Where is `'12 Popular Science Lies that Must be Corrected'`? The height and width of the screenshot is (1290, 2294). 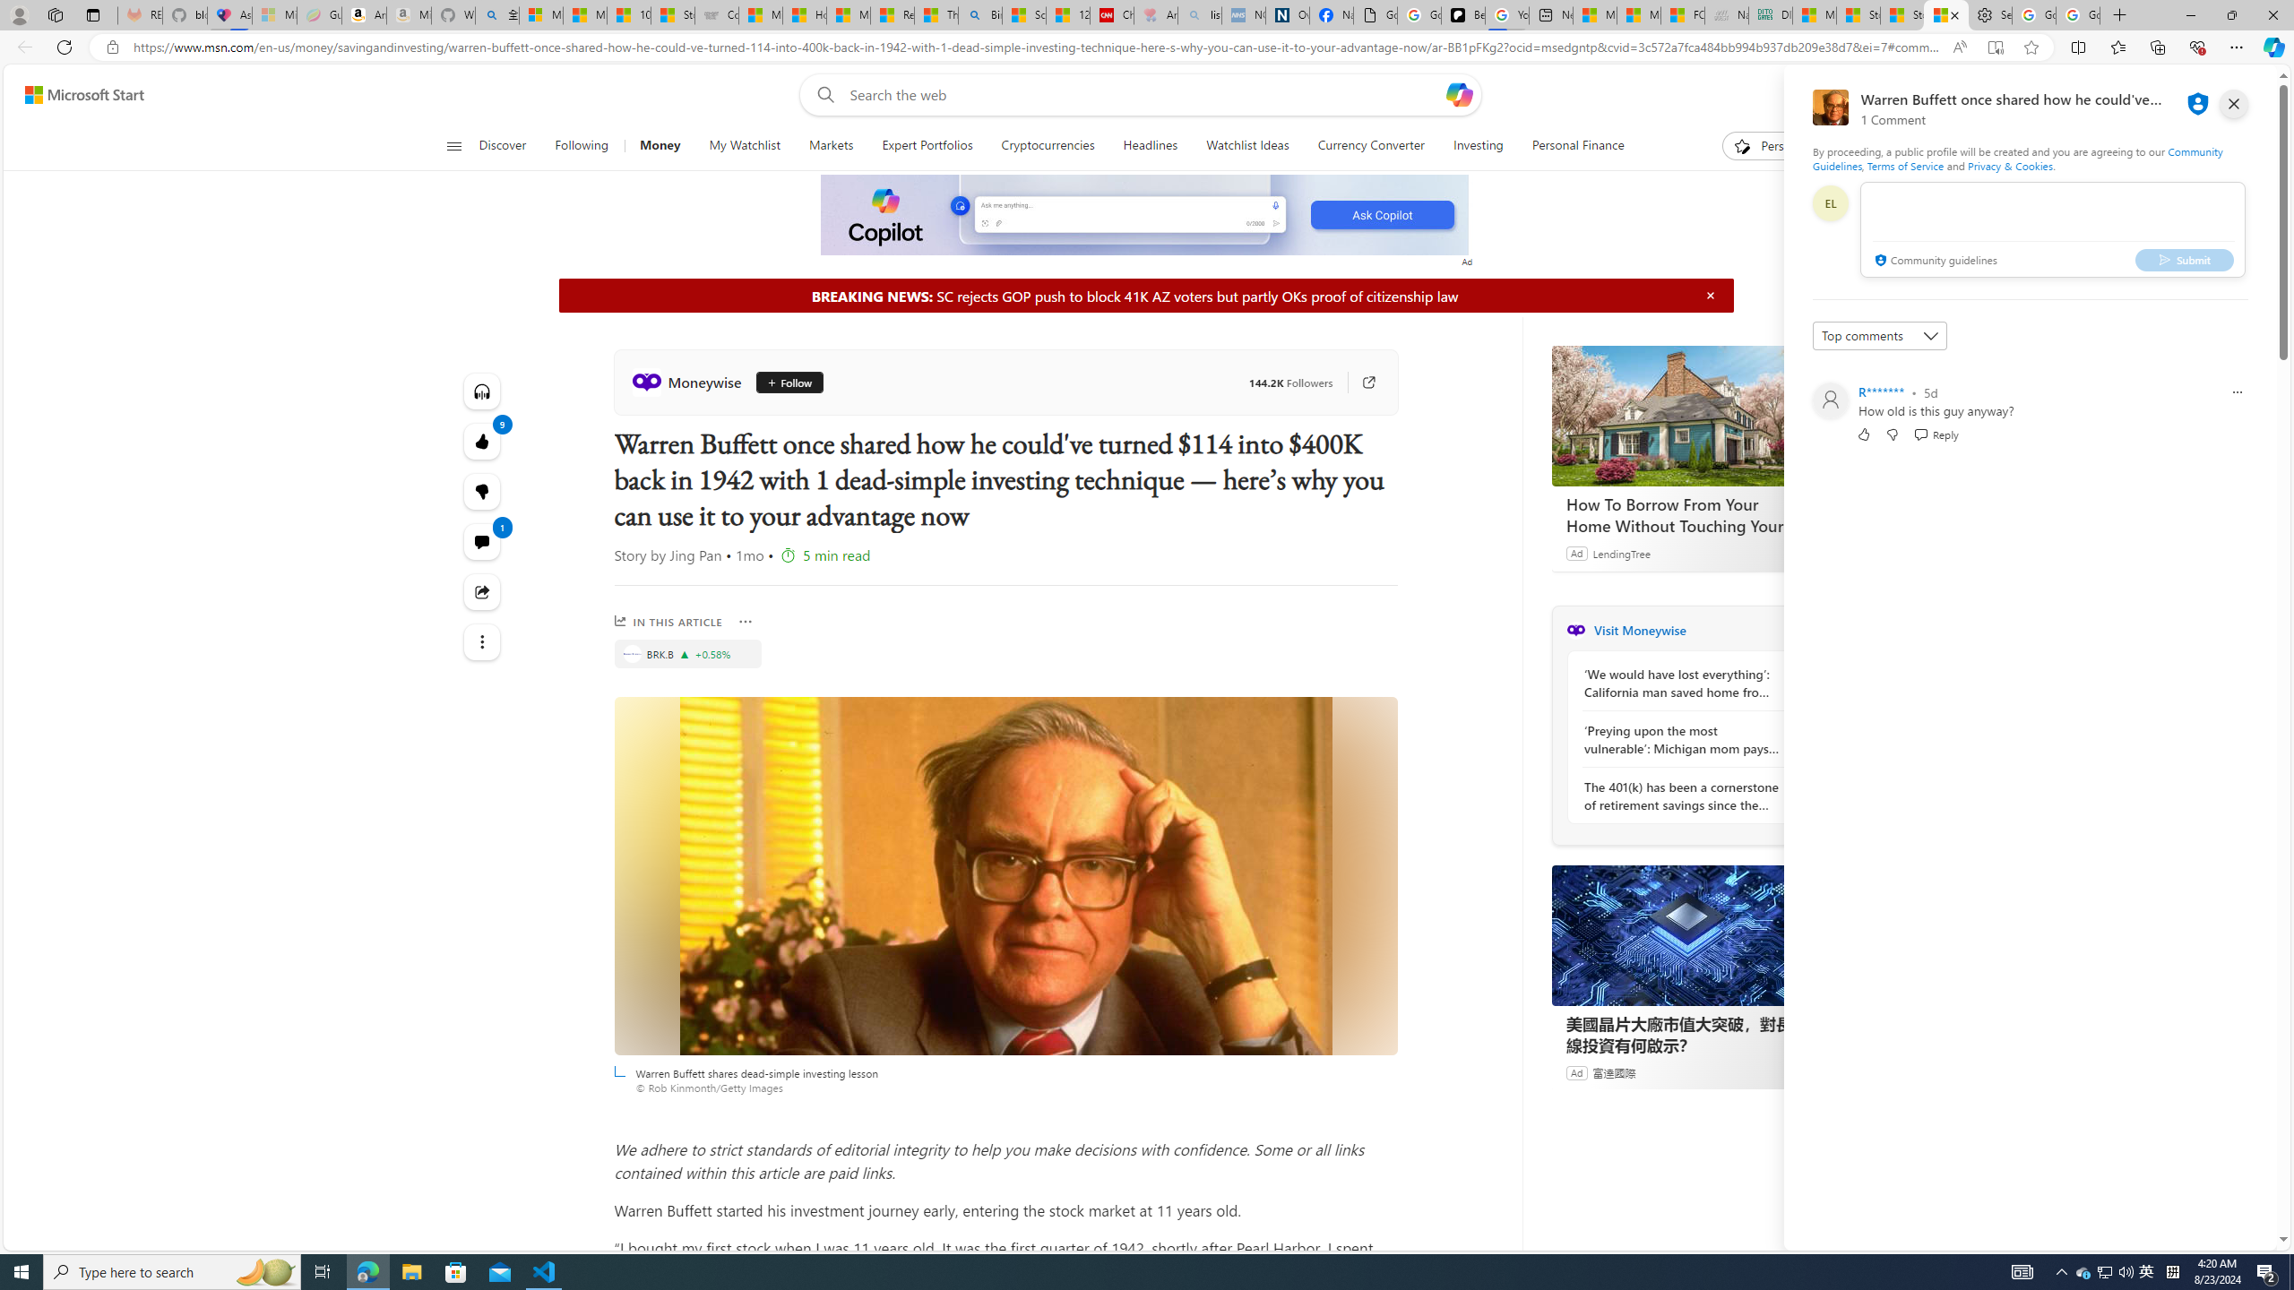 '12 Popular Science Lies that Must be Corrected' is located at coordinates (1067, 14).